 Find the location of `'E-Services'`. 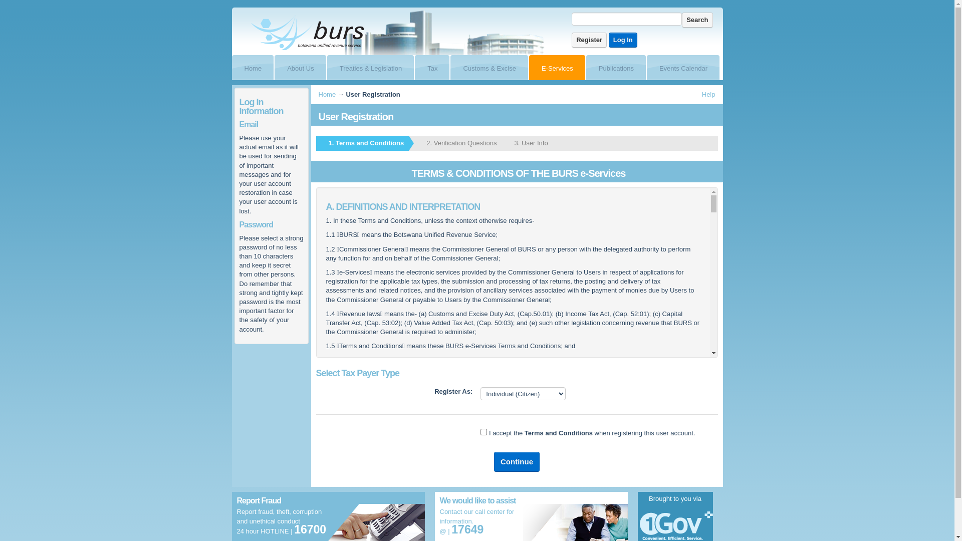

'E-Services' is located at coordinates (552, 68).